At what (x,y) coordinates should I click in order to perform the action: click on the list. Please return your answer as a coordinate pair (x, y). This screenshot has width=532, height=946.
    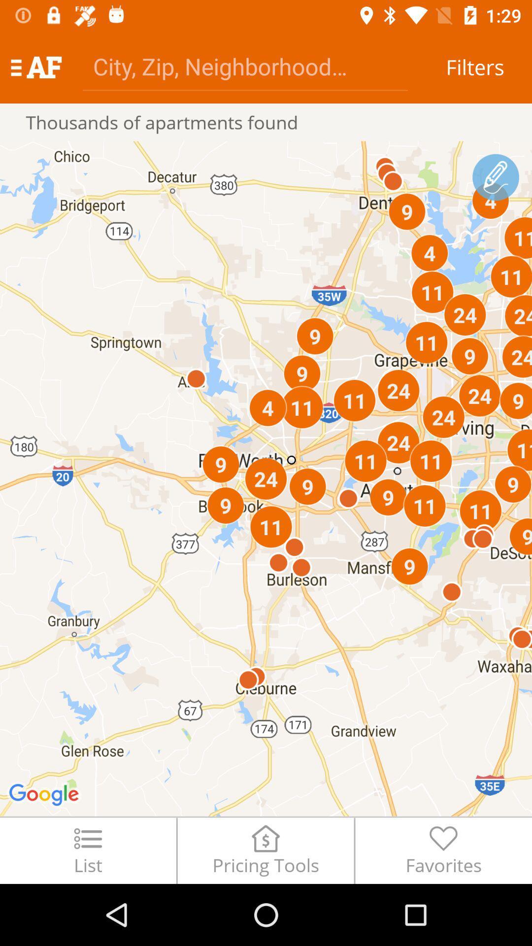
    Looking at the image, I should click on (87, 850).